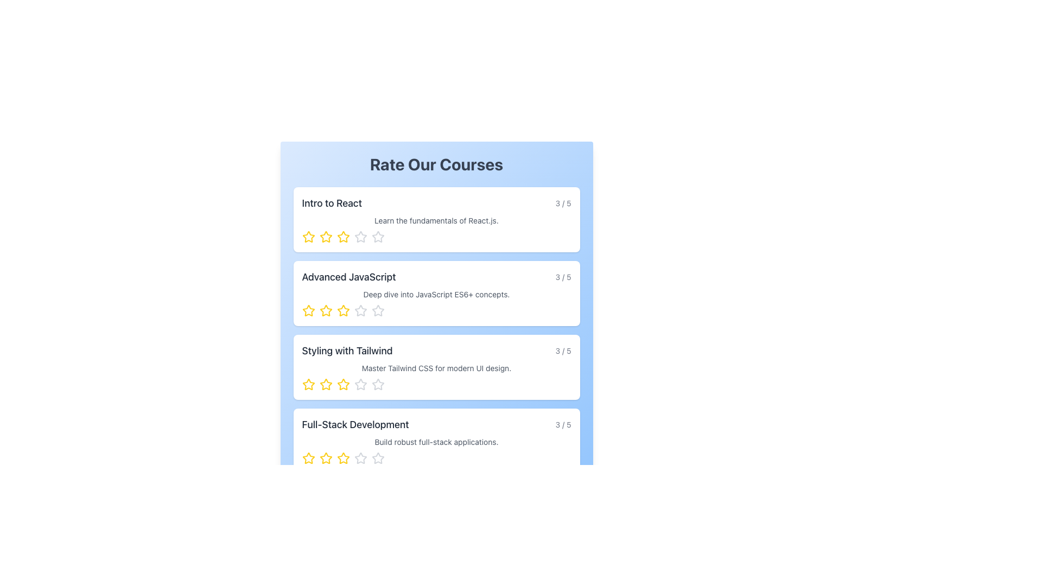 The width and height of the screenshot is (1042, 586). I want to click on the first star icon in the rating system for the 'Intro to React' course, so click(308, 236).